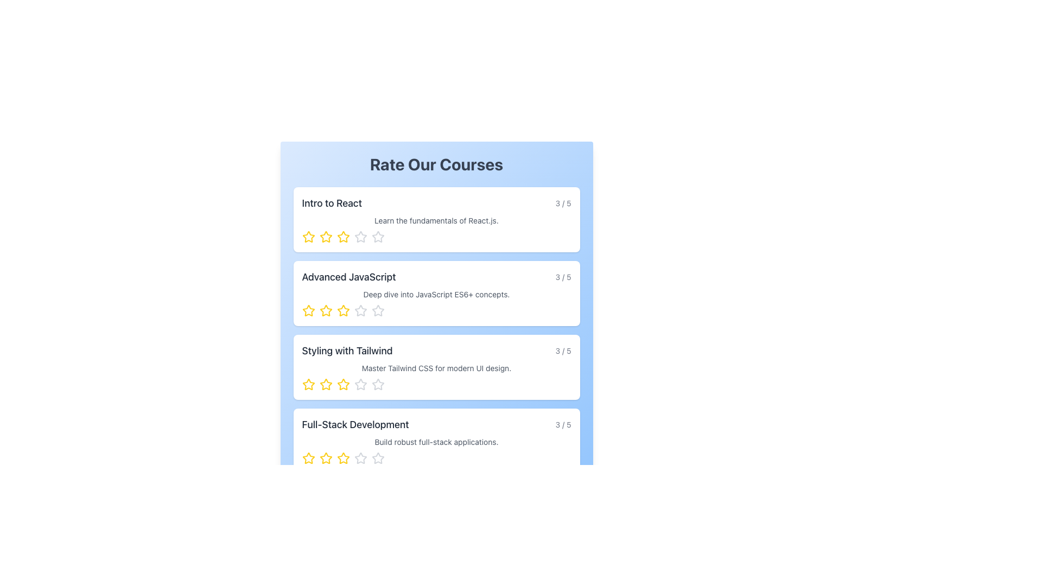 The width and height of the screenshot is (1042, 586). I want to click on the first star icon in the rating system for the 'Intro to React' course, so click(308, 236).